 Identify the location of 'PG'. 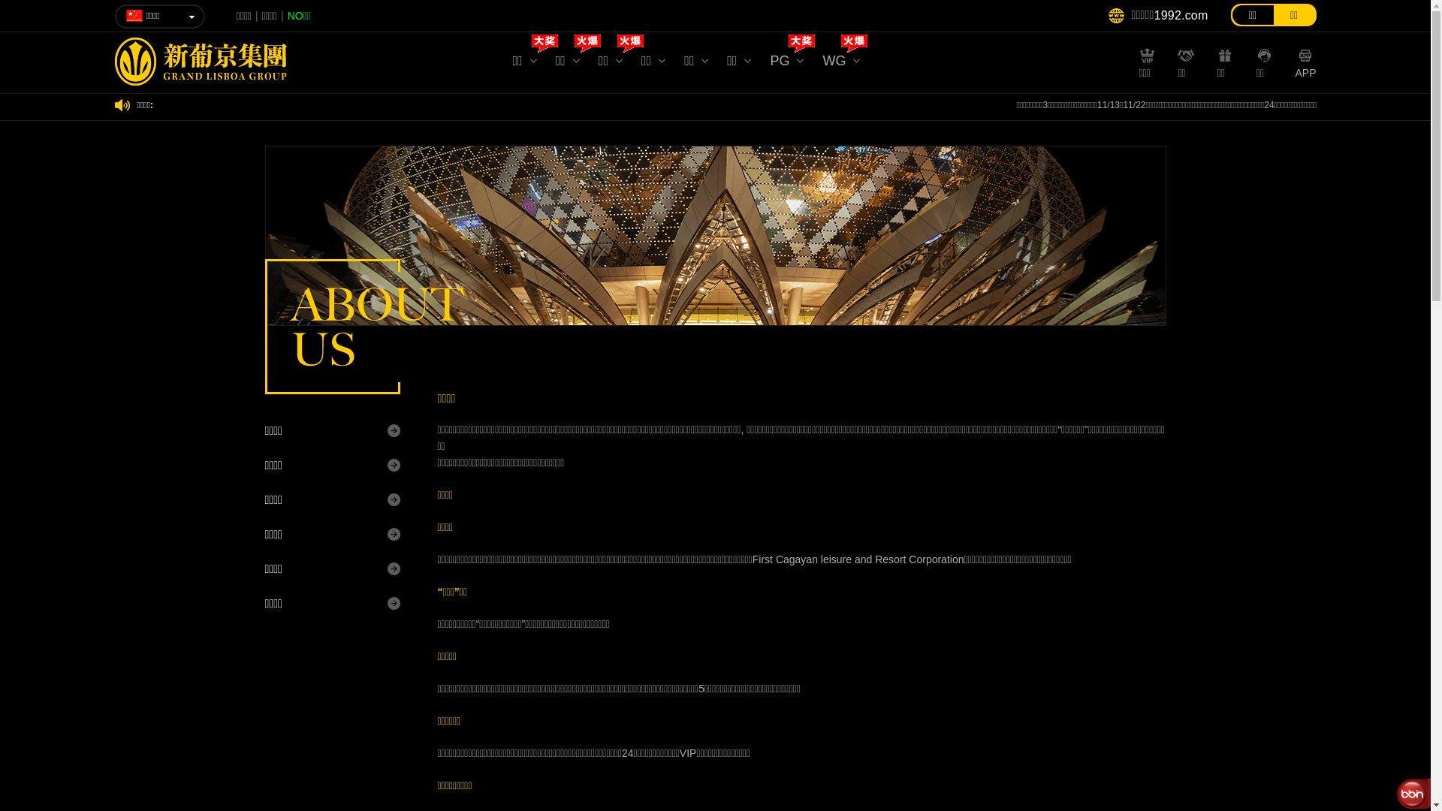
(786, 64).